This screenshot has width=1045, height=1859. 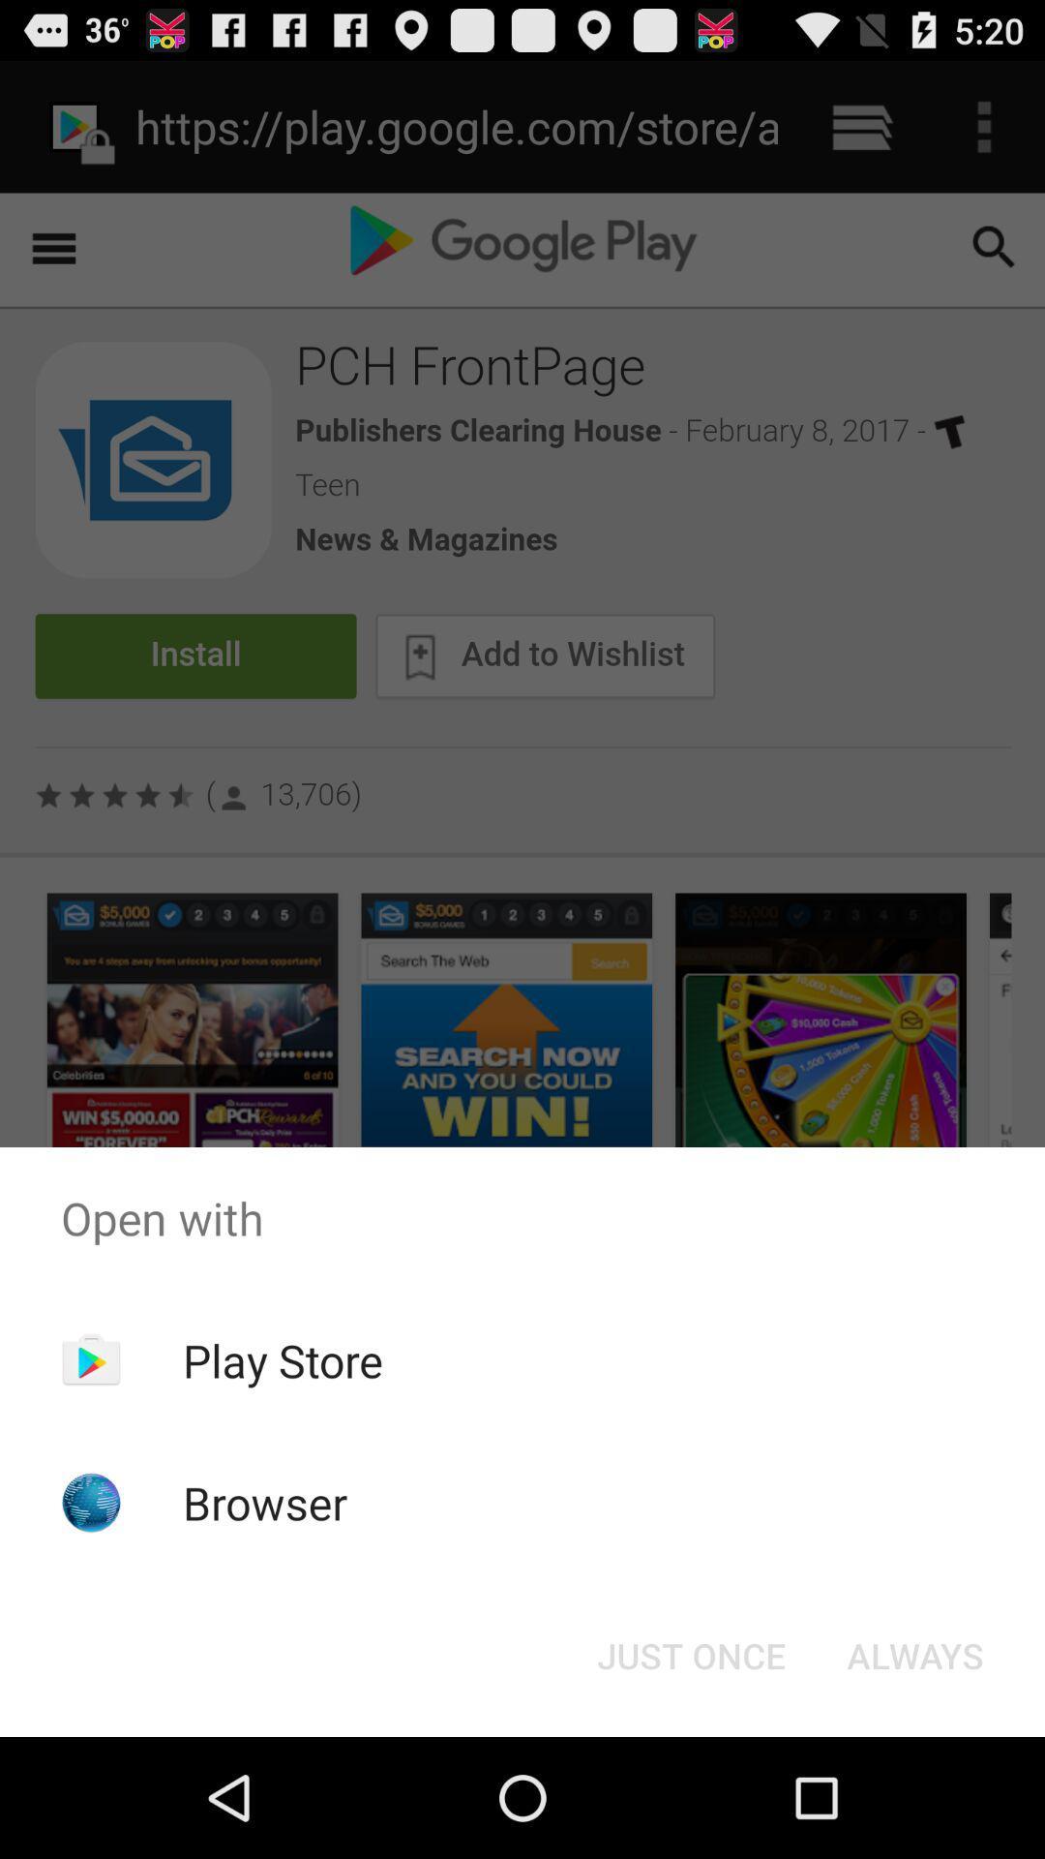 I want to click on the always button, so click(x=914, y=1654).